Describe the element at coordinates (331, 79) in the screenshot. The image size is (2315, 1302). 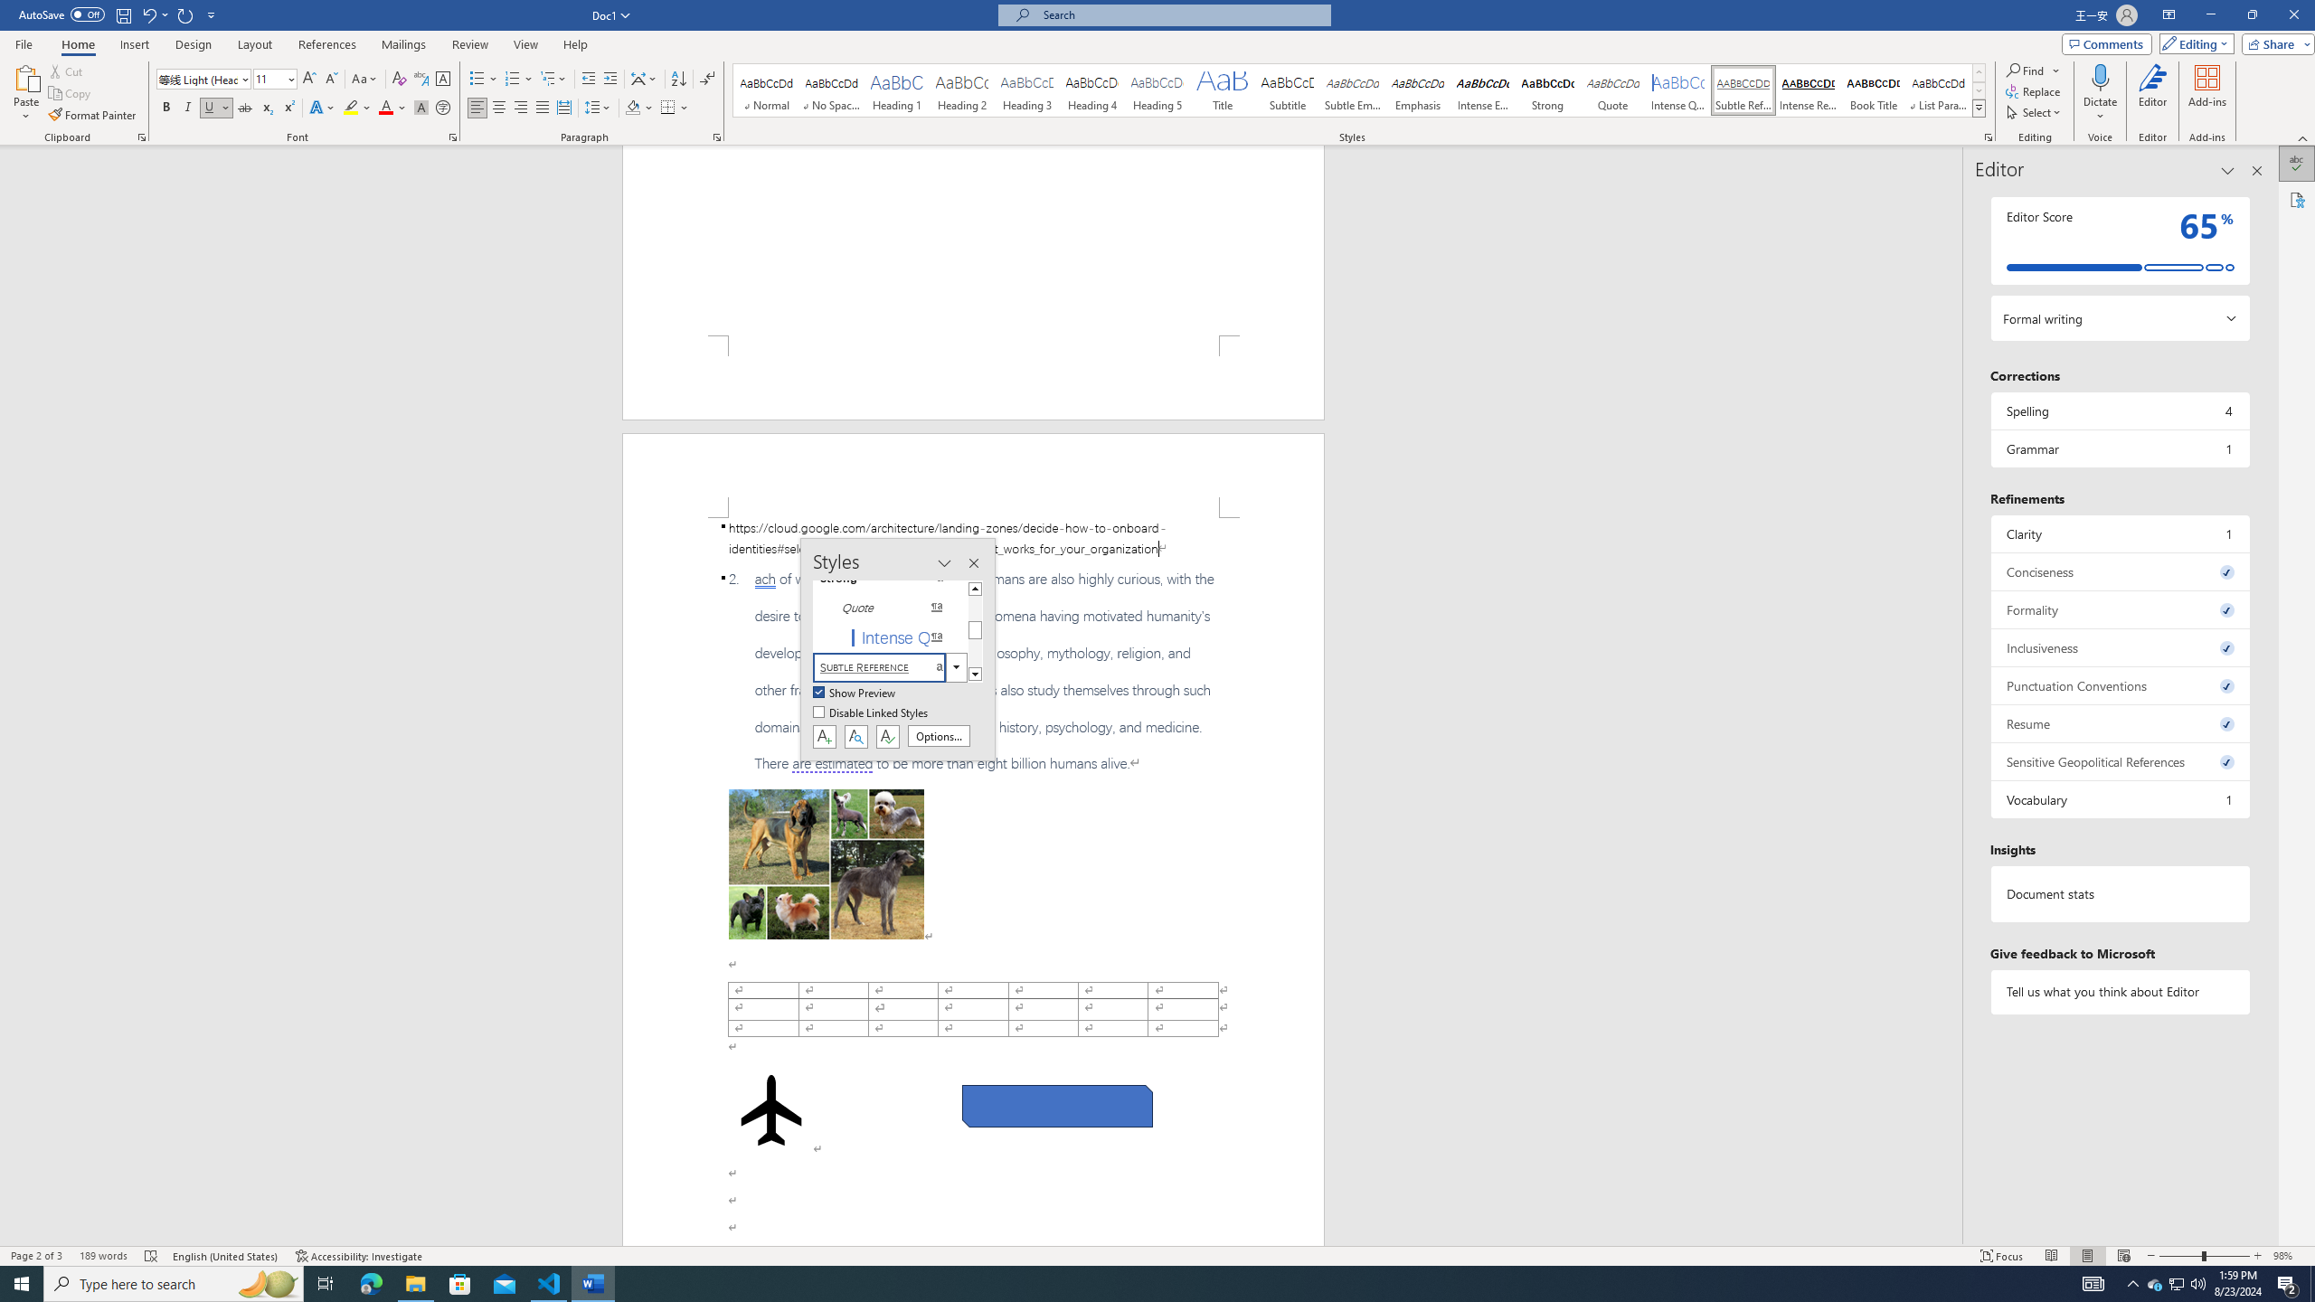
I see `'Shrink Font'` at that location.